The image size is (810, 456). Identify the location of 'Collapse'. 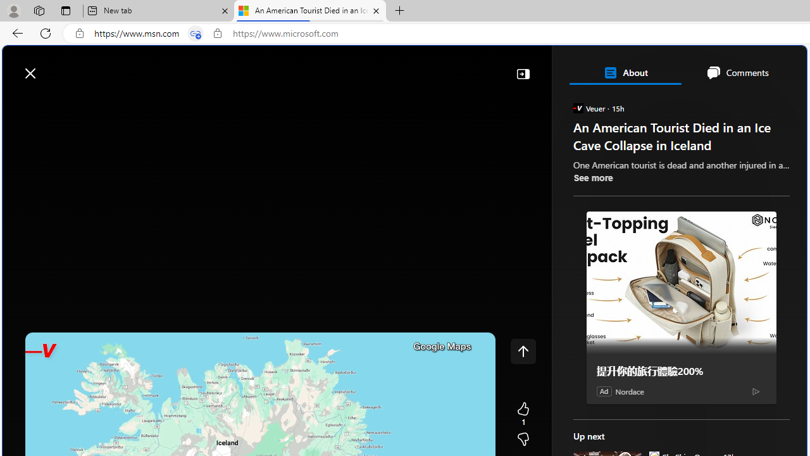
(523, 73).